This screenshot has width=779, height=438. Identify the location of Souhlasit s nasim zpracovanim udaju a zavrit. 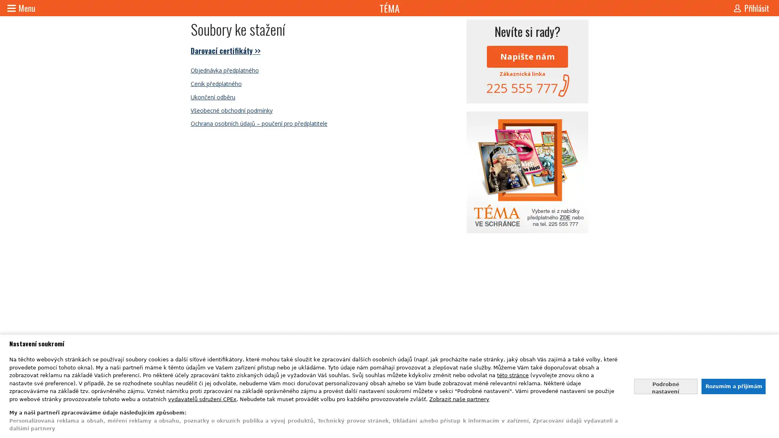
(733, 386).